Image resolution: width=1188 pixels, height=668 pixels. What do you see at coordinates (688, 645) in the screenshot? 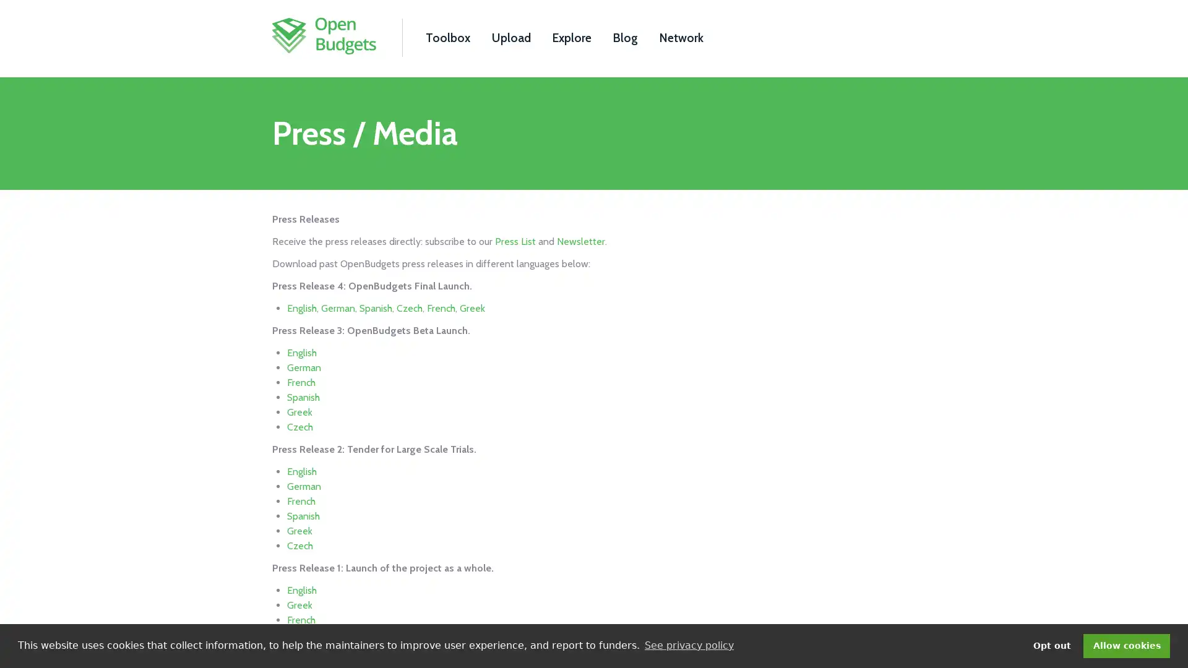
I see `learn more about cookies` at bounding box center [688, 645].